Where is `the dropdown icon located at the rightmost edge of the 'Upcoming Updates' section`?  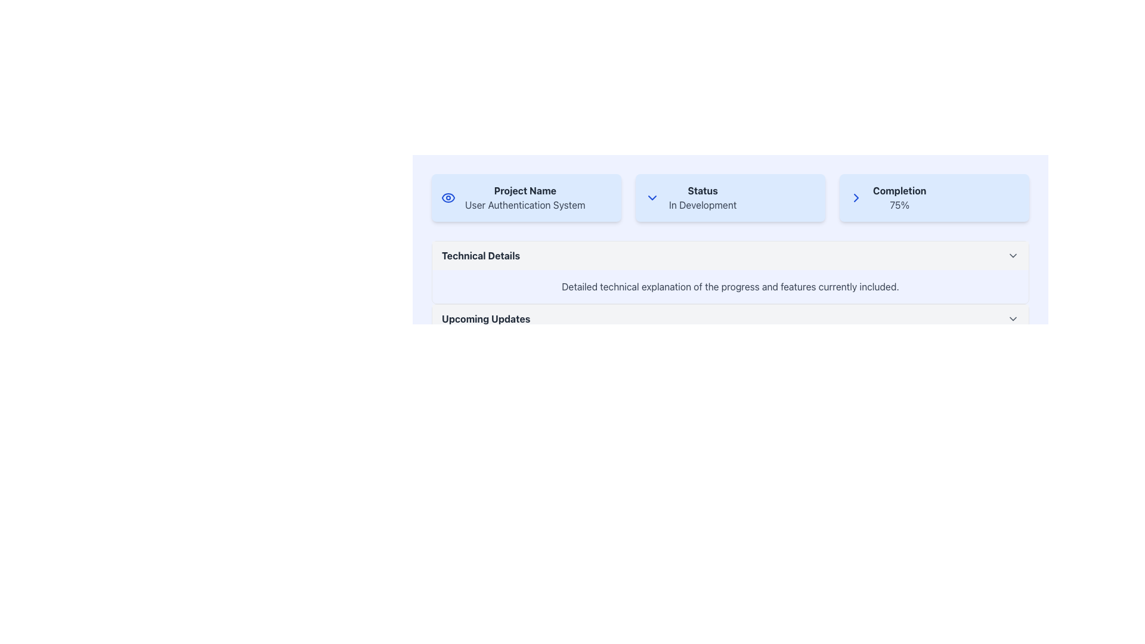
the dropdown icon located at the rightmost edge of the 'Upcoming Updates' section is located at coordinates (1013, 318).